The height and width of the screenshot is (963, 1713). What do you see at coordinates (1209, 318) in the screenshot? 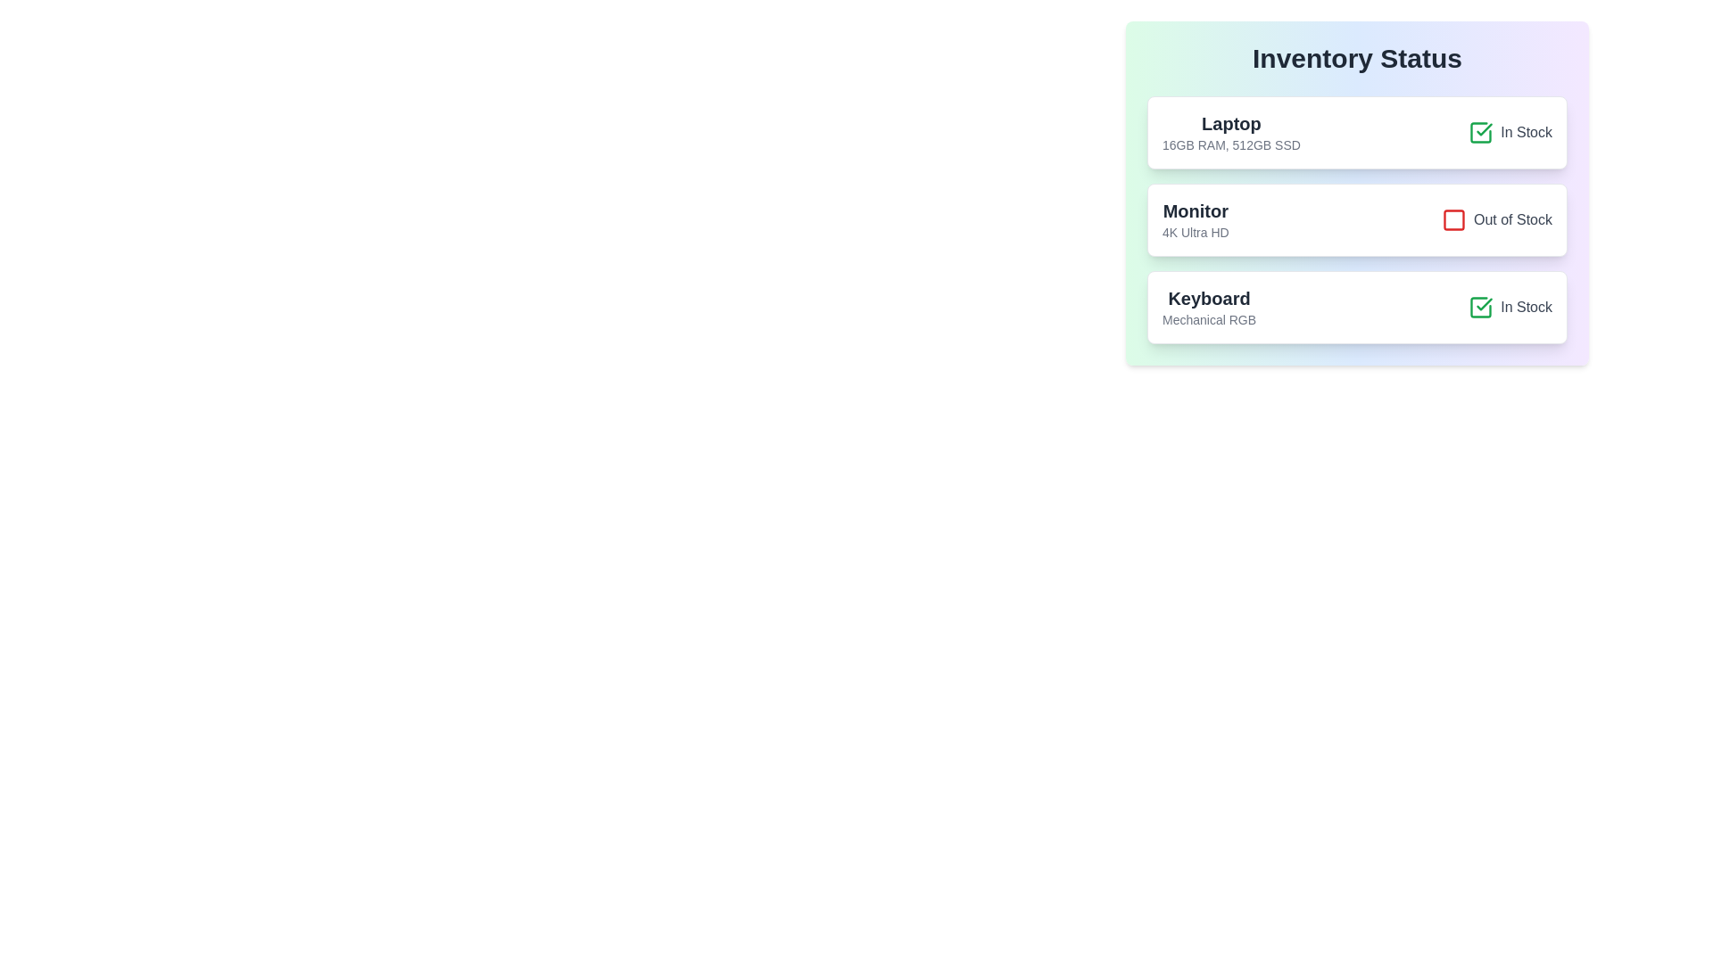
I see `the text label providing a detailed description for the 'Keyboard' inventory item, located directly below the bold 'Keyboard' text` at bounding box center [1209, 318].